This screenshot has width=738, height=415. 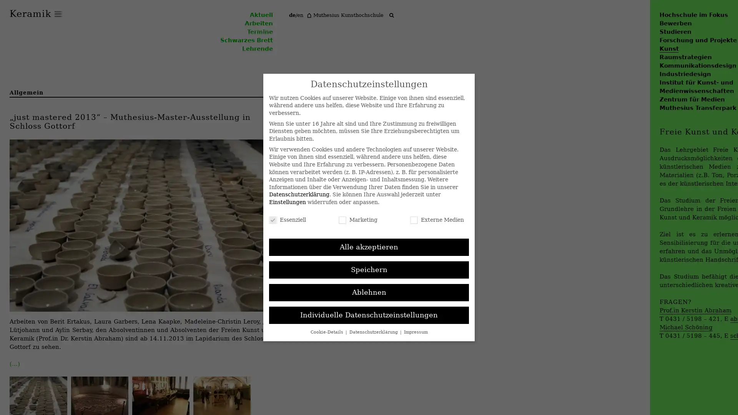 I want to click on Ablehnen, so click(x=369, y=292).